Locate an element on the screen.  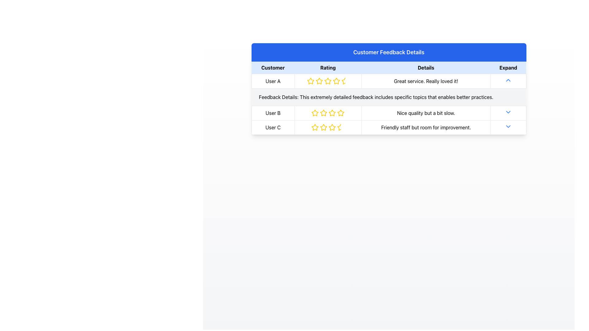
the 'Customer' column header text label in the table, which is the first item in the header row and positioned on the left side adjacent to the 'Rating' header is located at coordinates (273, 68).